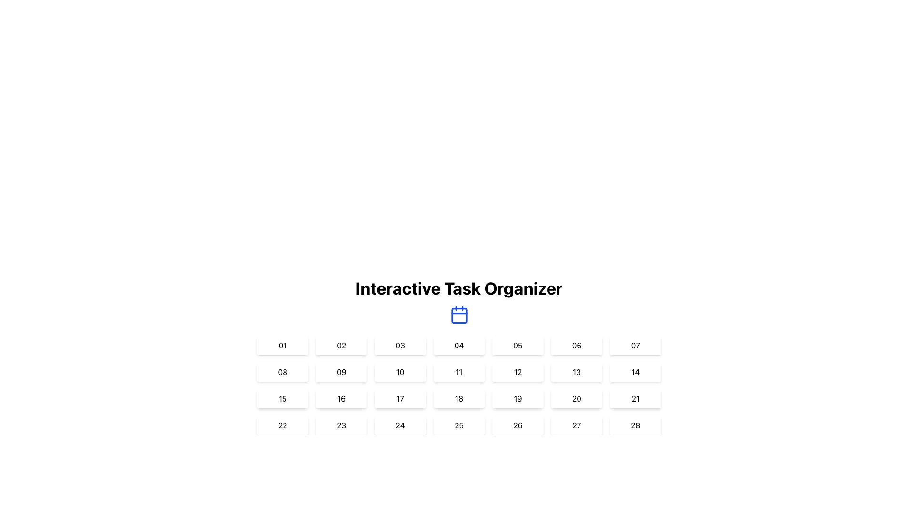 The height and width of the screenshot is (514, 915). I want to click on the SVG rectangle shape that serves as a background or structural component of the calendar icon, positioned in the central area of the main rectangular section within the icon, so click(459, 316).